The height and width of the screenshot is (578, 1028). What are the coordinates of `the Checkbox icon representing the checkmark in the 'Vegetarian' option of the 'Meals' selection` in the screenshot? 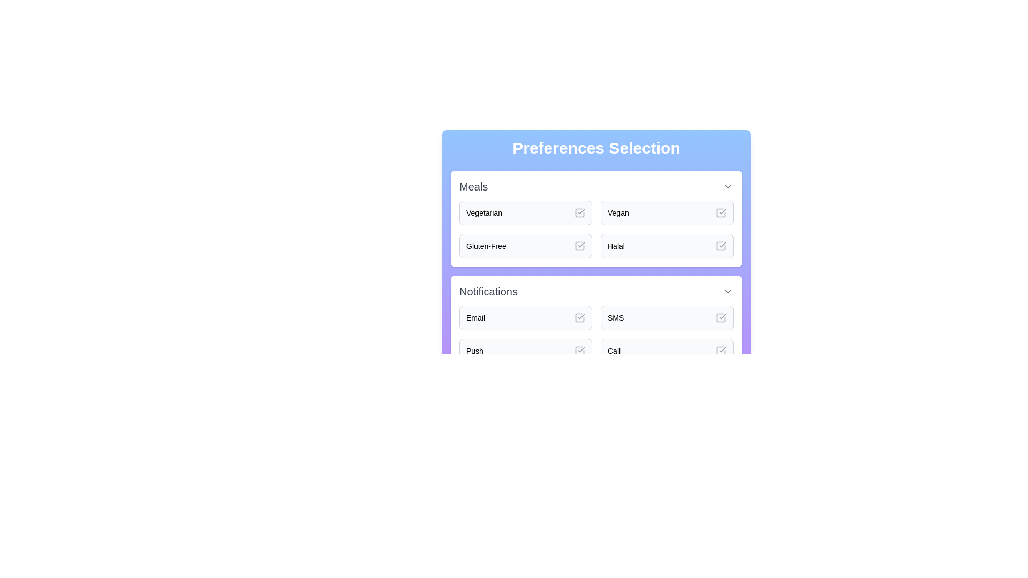 It's located at (579, 212).